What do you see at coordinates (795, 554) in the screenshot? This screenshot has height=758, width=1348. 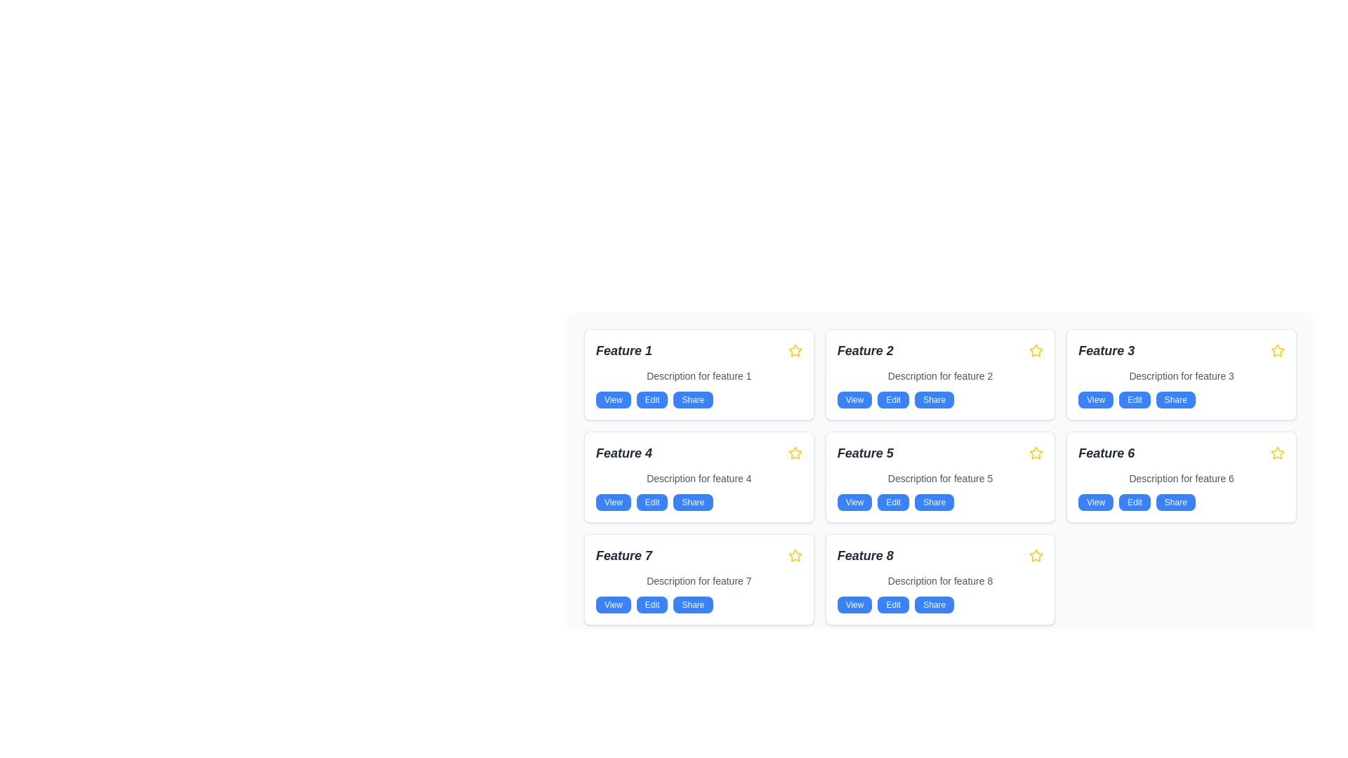 I see `the star-shaped icon with a yellow outline located to the right of the 'Feature 7' text` at bounding box center [795, 554].